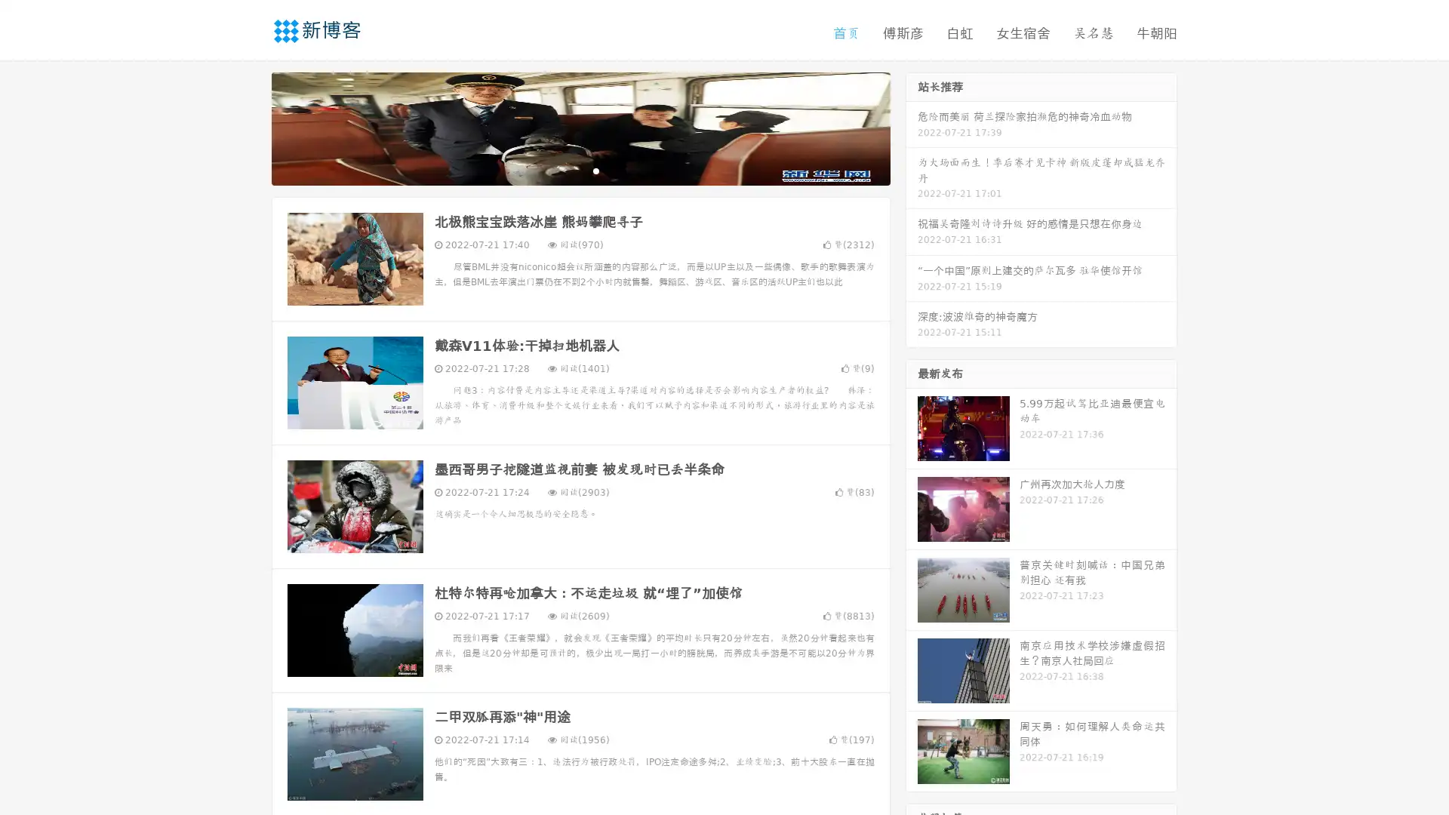 This screenshot has height=815, width=1449. Describe the element at coordinates (912, 127) in the screenshot. I see `Next slide` at that location.